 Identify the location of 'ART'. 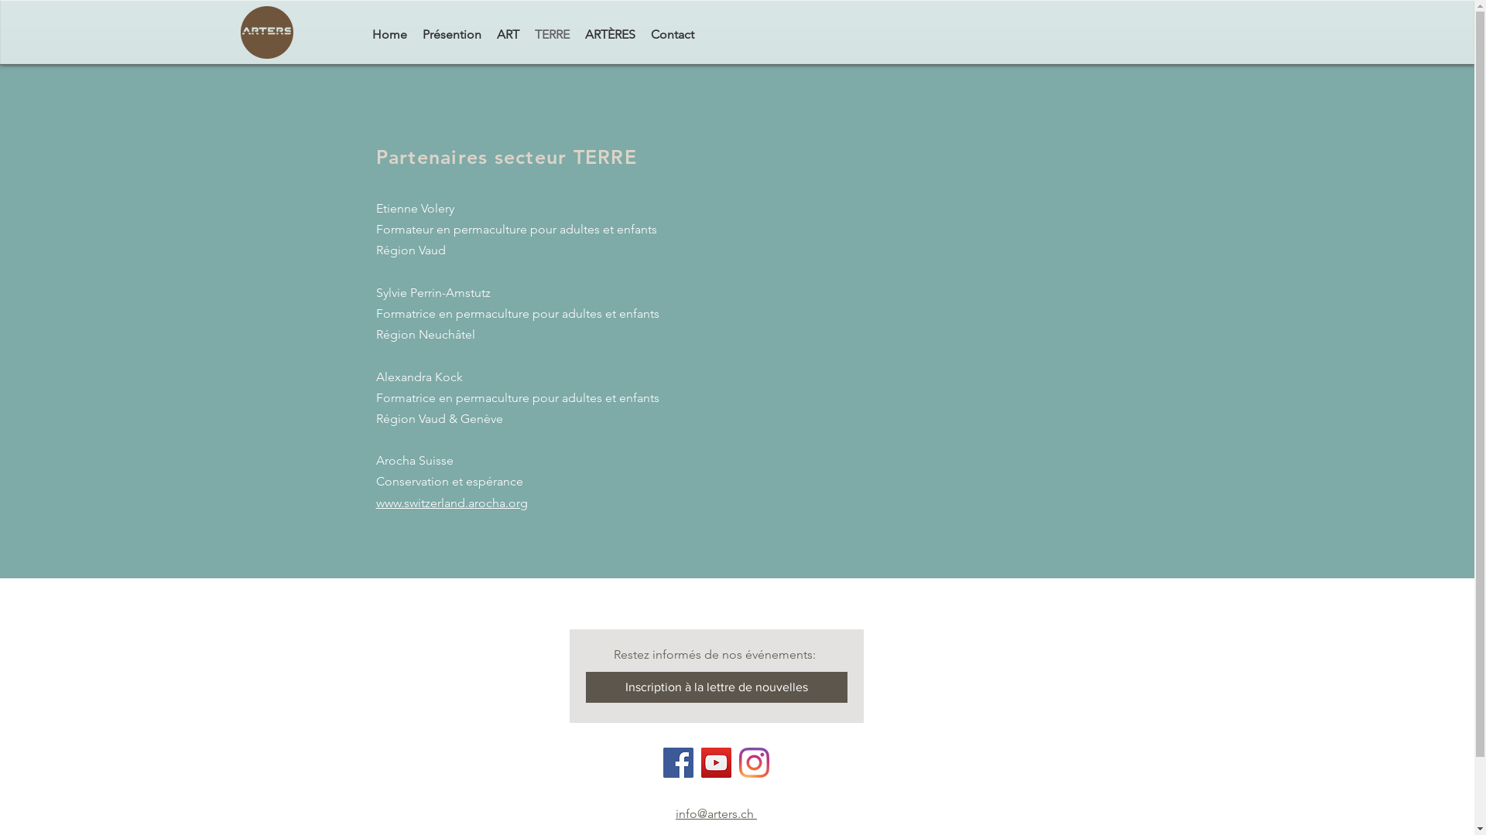
(508, 35).